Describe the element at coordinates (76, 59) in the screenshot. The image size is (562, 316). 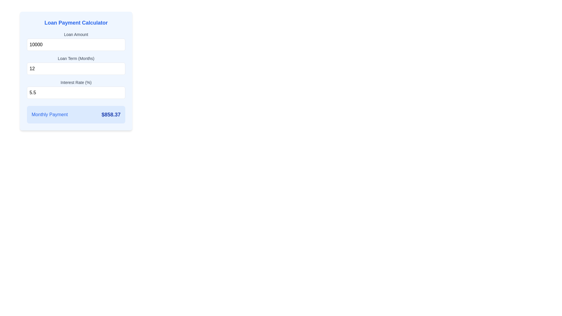
I see `the label that indicates the loan term in months, which is positioned above the input field containing the value '12'` at that location.